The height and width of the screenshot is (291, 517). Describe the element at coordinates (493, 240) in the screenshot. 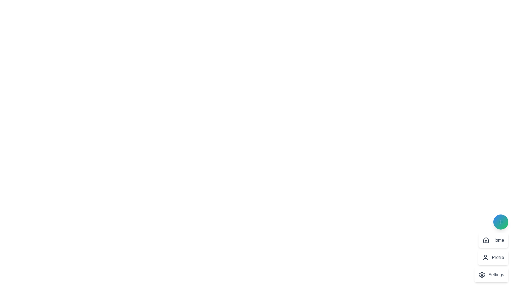

I see `the action Home from the speed dial menu` at that location.